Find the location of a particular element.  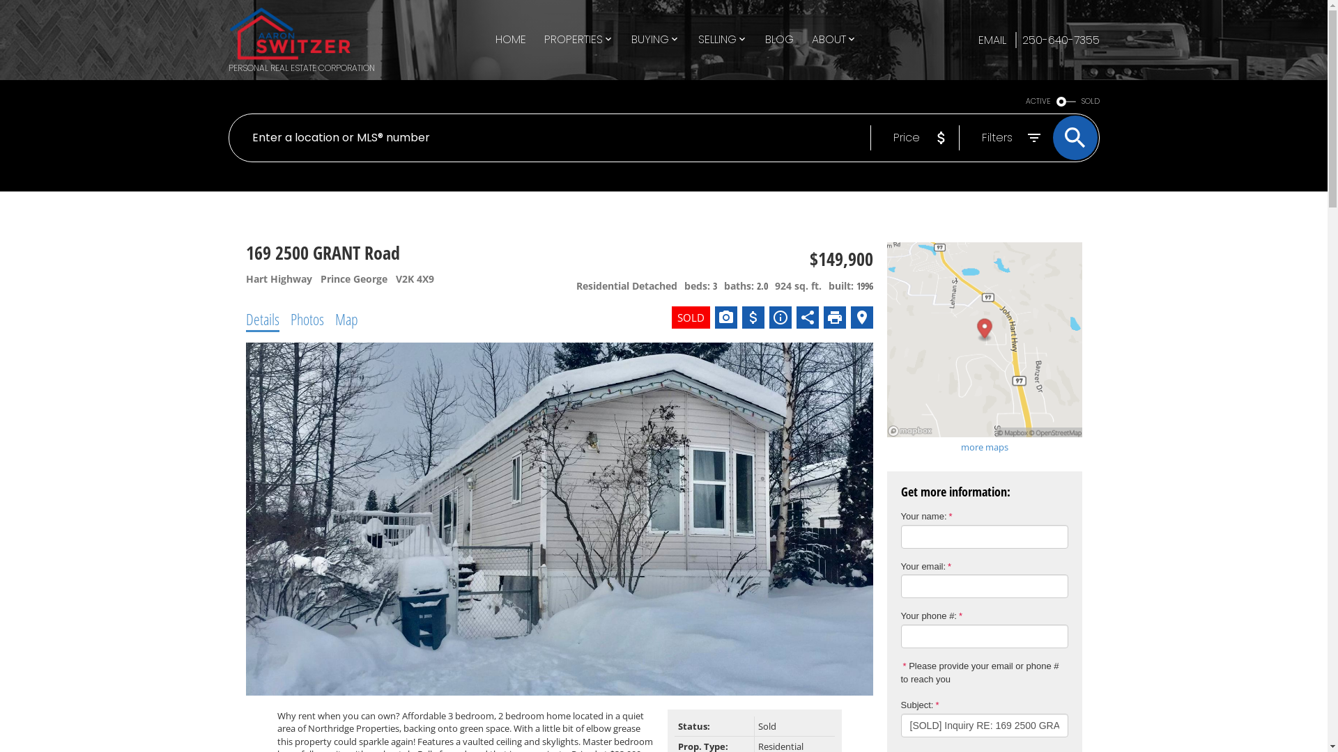

'BLOG' is located at coordinates (778, 39).